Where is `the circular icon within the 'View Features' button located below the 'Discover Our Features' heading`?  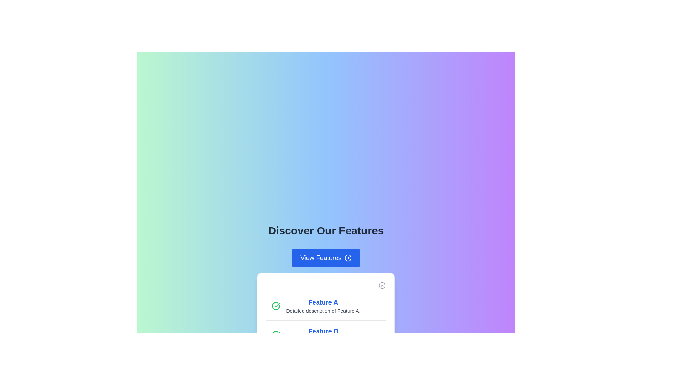
the circular icon within the 'View Features' button located below the 'Discover Our Features' heading is located at coordinates (348, 258).